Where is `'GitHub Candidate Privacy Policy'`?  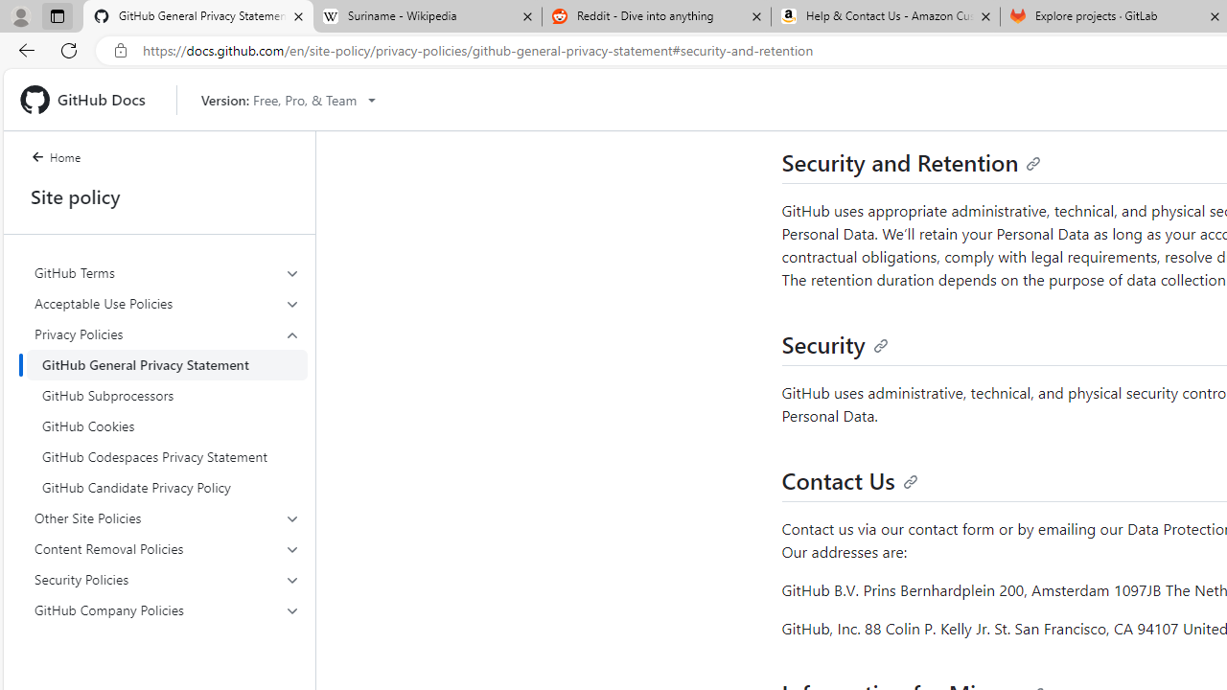
'GitHub Candidate Privacy Policy' is located at coordinates (167, 487).